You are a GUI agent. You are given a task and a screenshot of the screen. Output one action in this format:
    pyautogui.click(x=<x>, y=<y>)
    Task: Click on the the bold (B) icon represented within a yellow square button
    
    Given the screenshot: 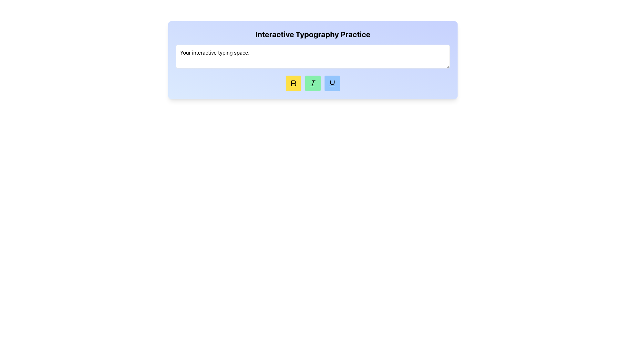 What is the action you would take?
    pyautogui.click(x=293, y=83)
    